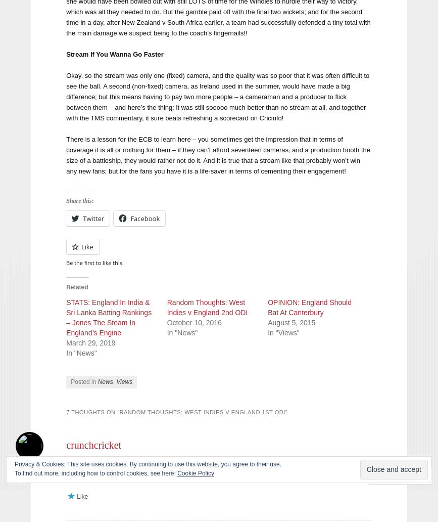 This screenshot has width=438, height=522. What do you see at coordinates (79, 200) in the screenshot?
I see `'Share this:'` at bounding box center [79, 200].